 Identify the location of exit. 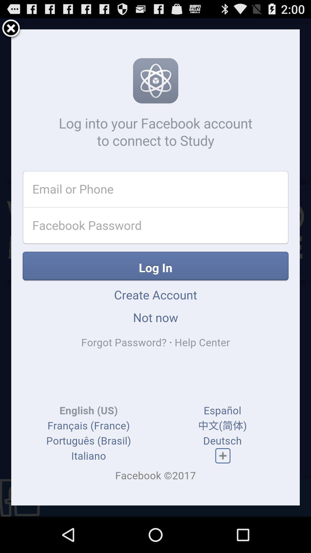
(11, 29).